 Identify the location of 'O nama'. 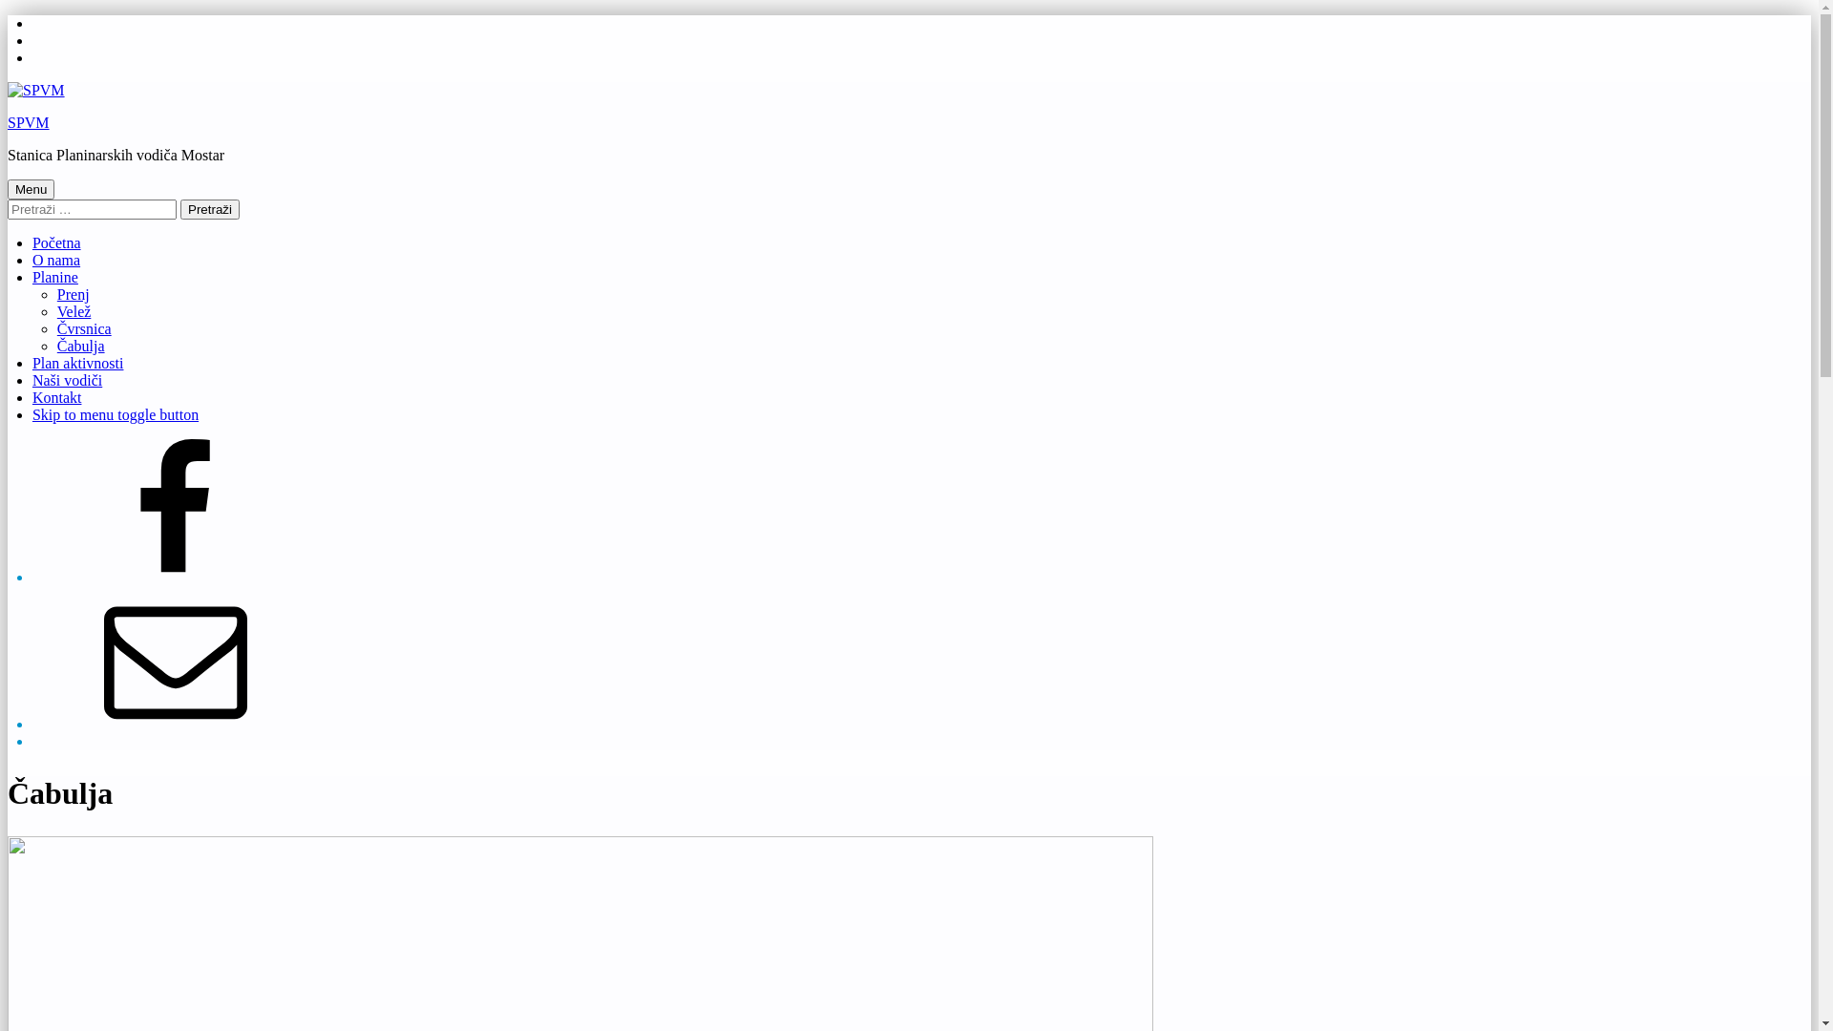
(55, 260).